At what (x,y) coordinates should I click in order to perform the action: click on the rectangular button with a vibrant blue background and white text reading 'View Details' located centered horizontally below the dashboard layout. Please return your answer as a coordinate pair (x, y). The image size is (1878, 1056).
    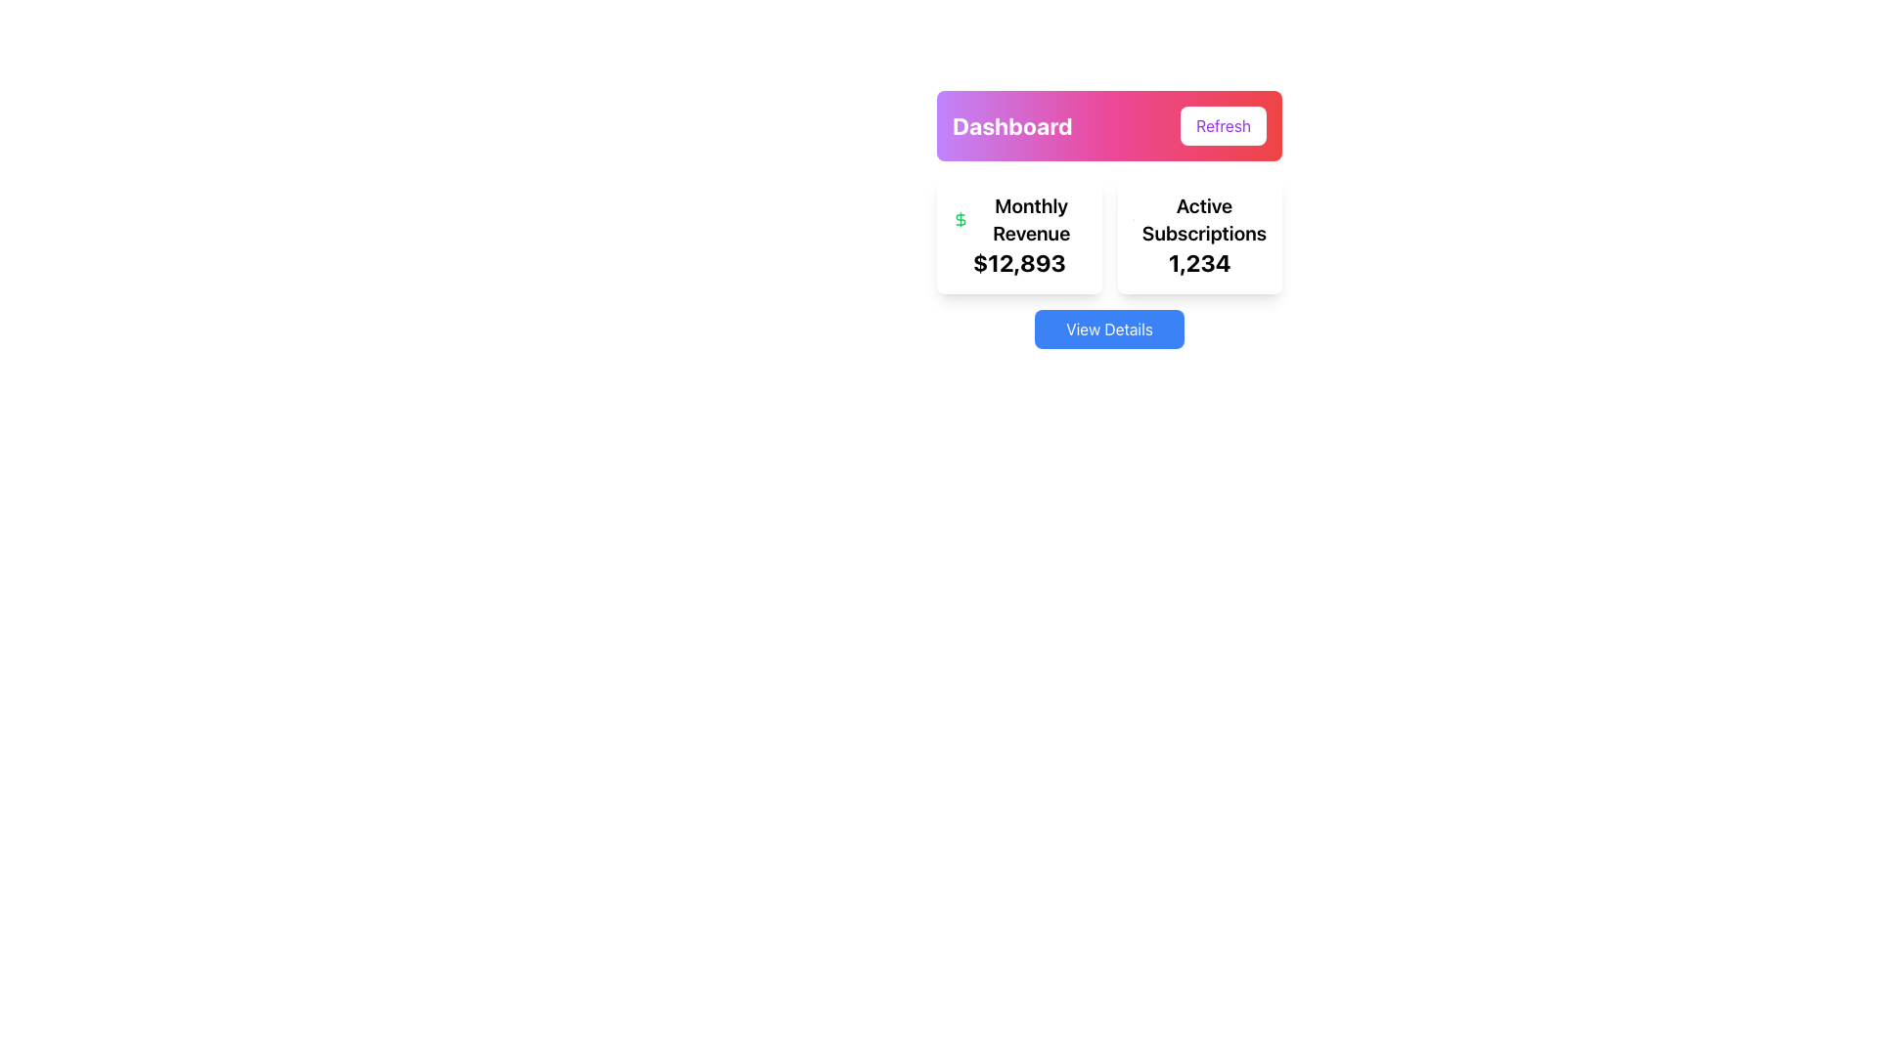
    Looking at the image, I should click on (1109, 328).